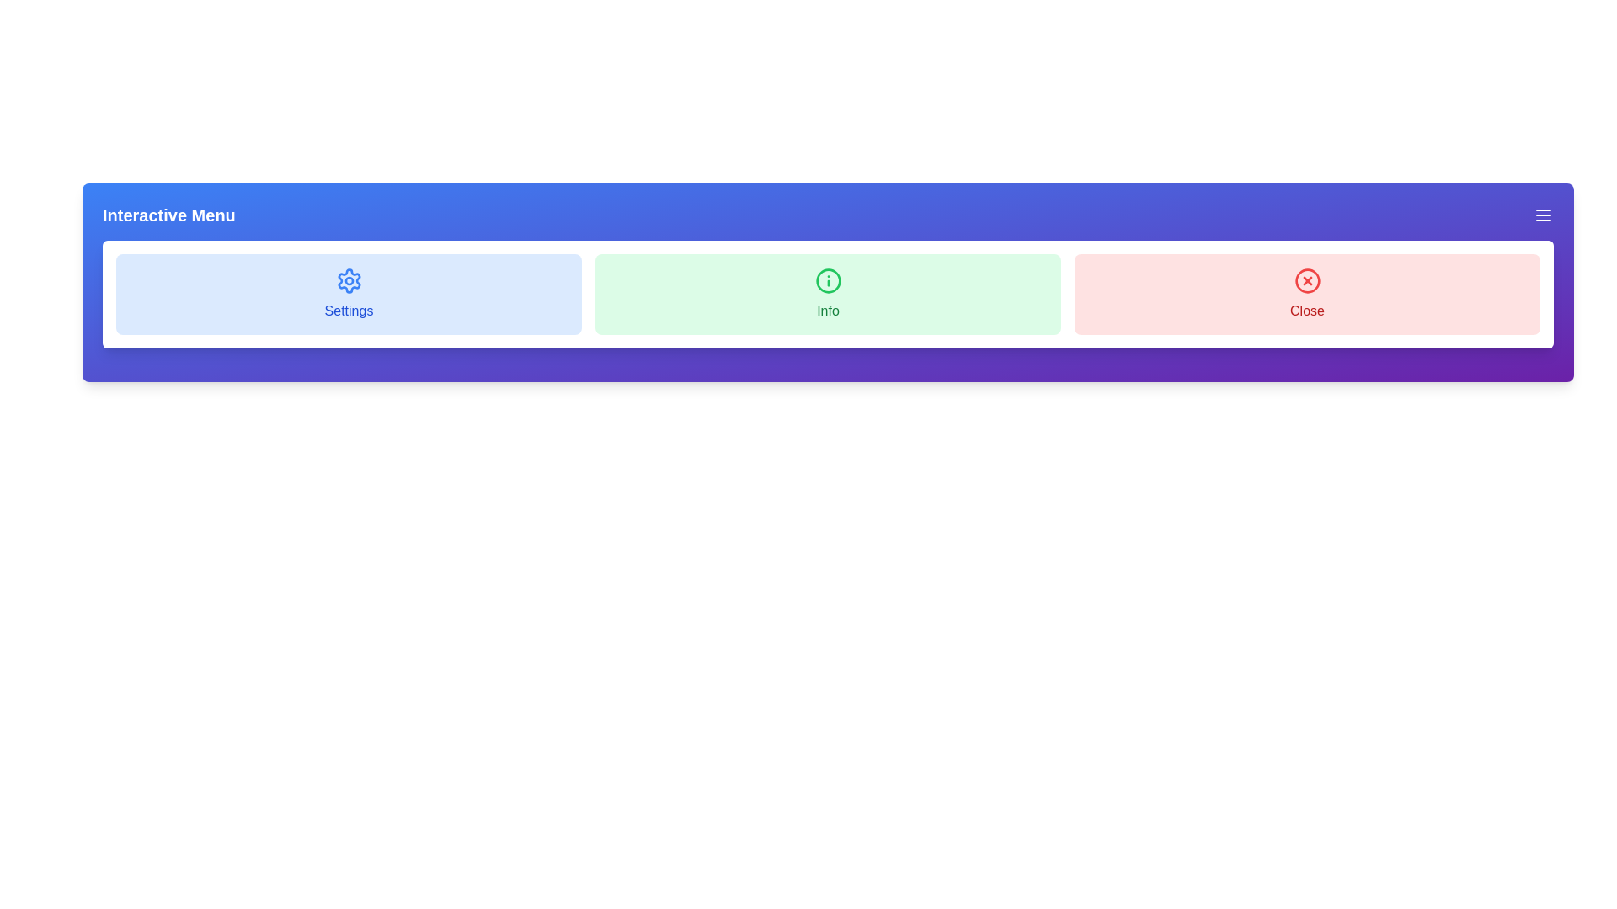 The width and height of the screenshot is (1617, 909). I want to click on the 'Settings' button, so click(348, 294).